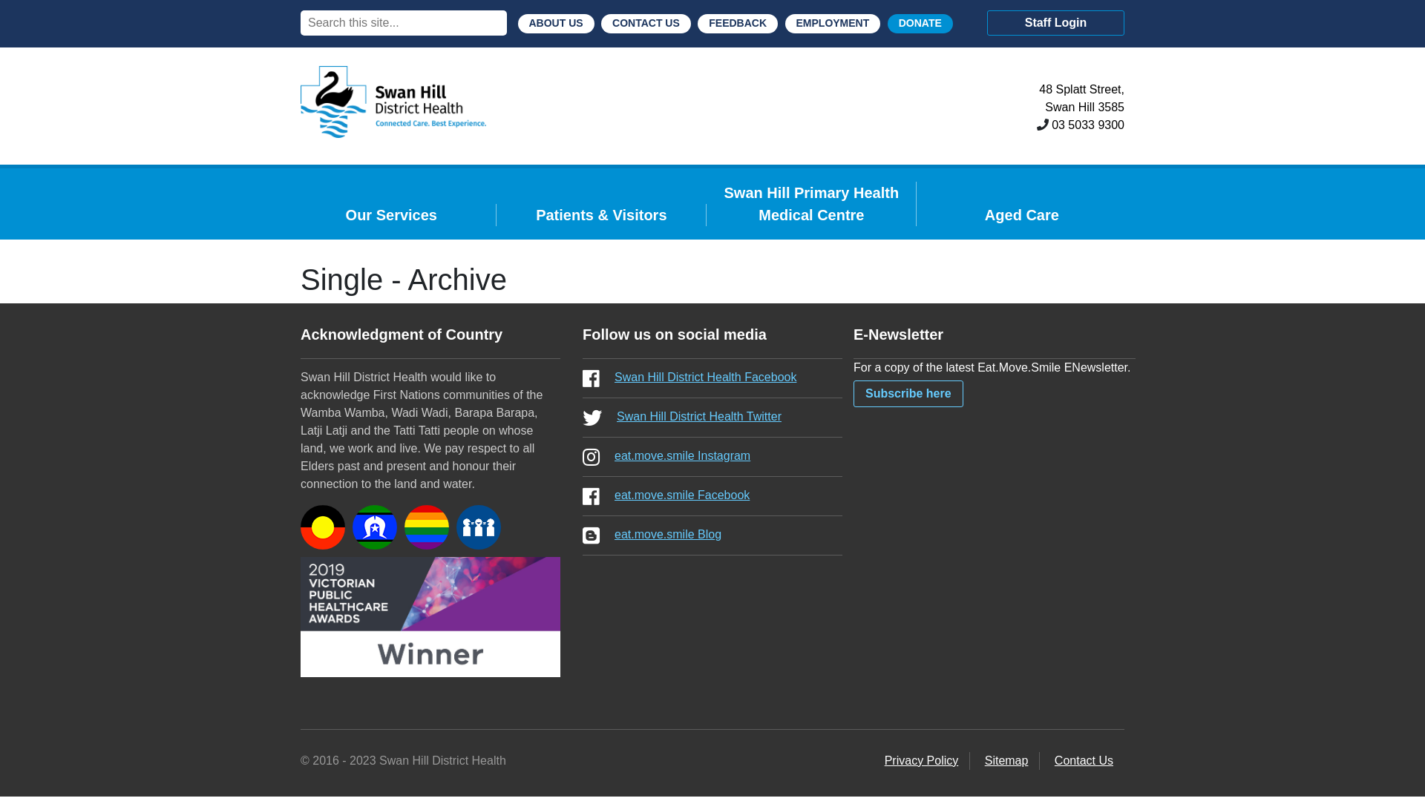  I want to click on 'EMPLOYMENT', so click(784, 23).